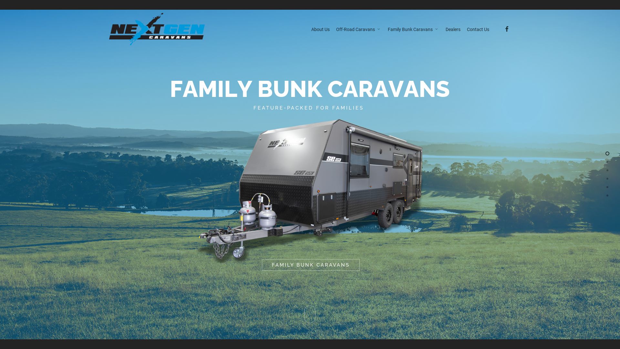 This screenshot has width=620, height=349. I want to click on 'About Us', so click(320, 28).